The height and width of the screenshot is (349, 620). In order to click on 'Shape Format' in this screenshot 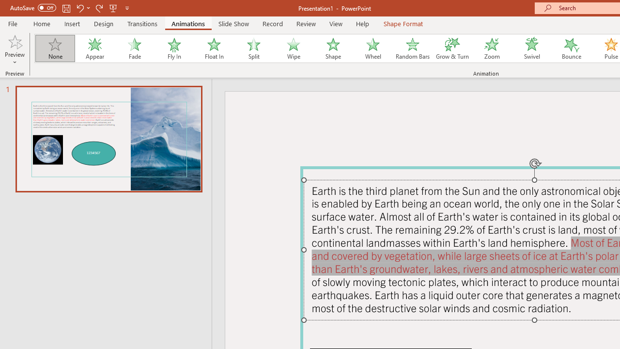, I will do `click(403, 23)`.